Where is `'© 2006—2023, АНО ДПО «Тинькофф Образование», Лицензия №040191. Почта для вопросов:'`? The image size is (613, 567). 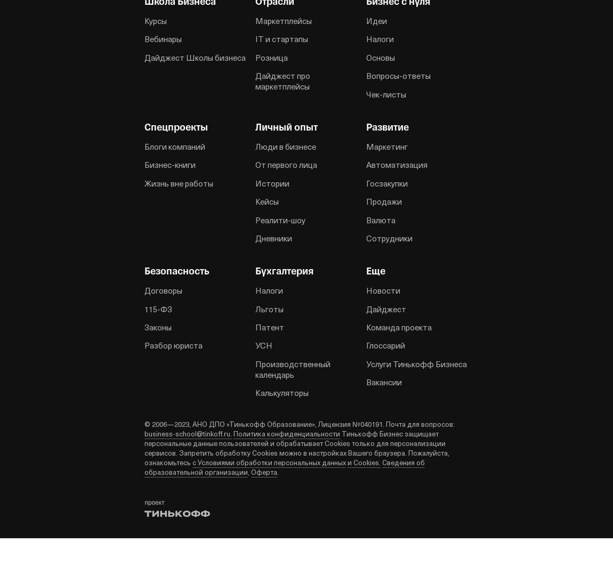 '© 2006—2023, АНО ДПО «Тинькофф Образование», Лицензия №040191. Почта для вопросов:' is located at coordinates (144, 424).